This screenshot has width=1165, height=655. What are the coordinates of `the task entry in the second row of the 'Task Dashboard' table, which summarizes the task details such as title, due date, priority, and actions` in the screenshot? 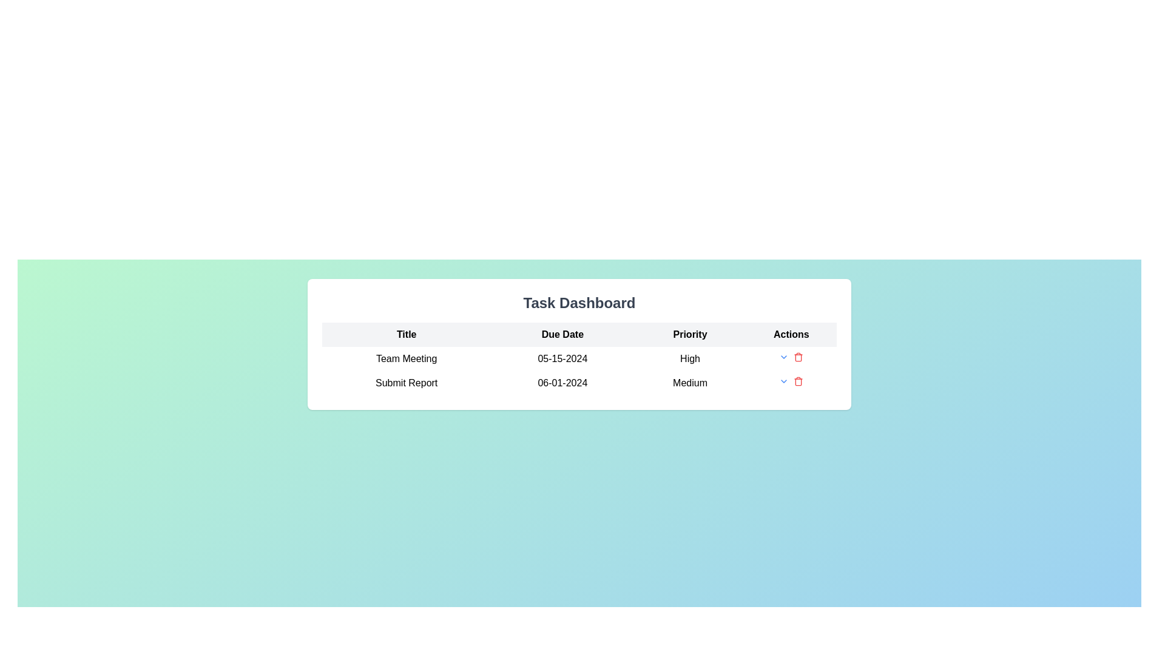 It's located at (579, 383).